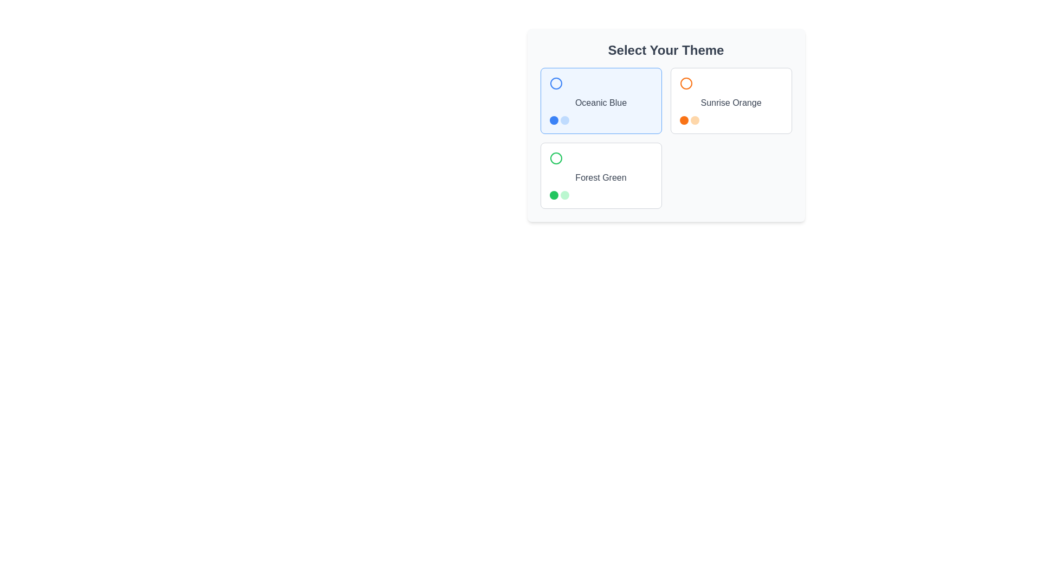 The image size is (1041, 586). I want to click on the 'Forest Green' Selectable Card element, so click(600, 175).